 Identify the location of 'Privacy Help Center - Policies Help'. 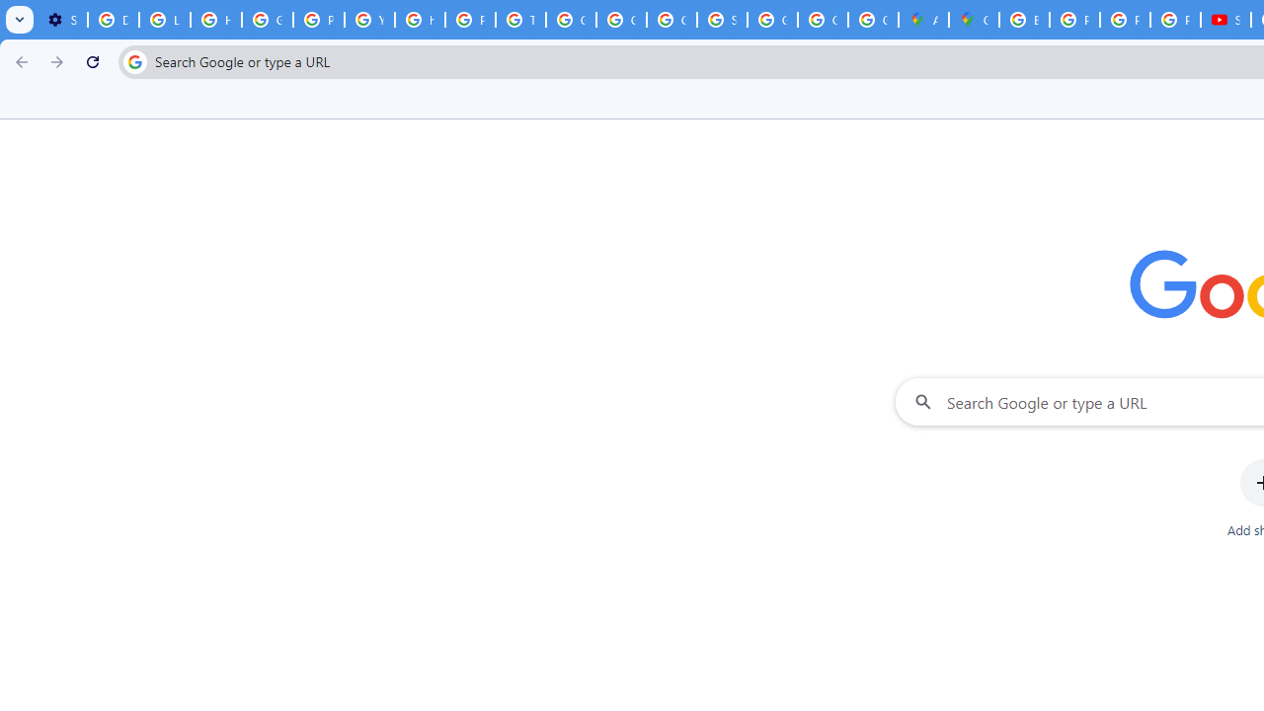
(1125, 20).